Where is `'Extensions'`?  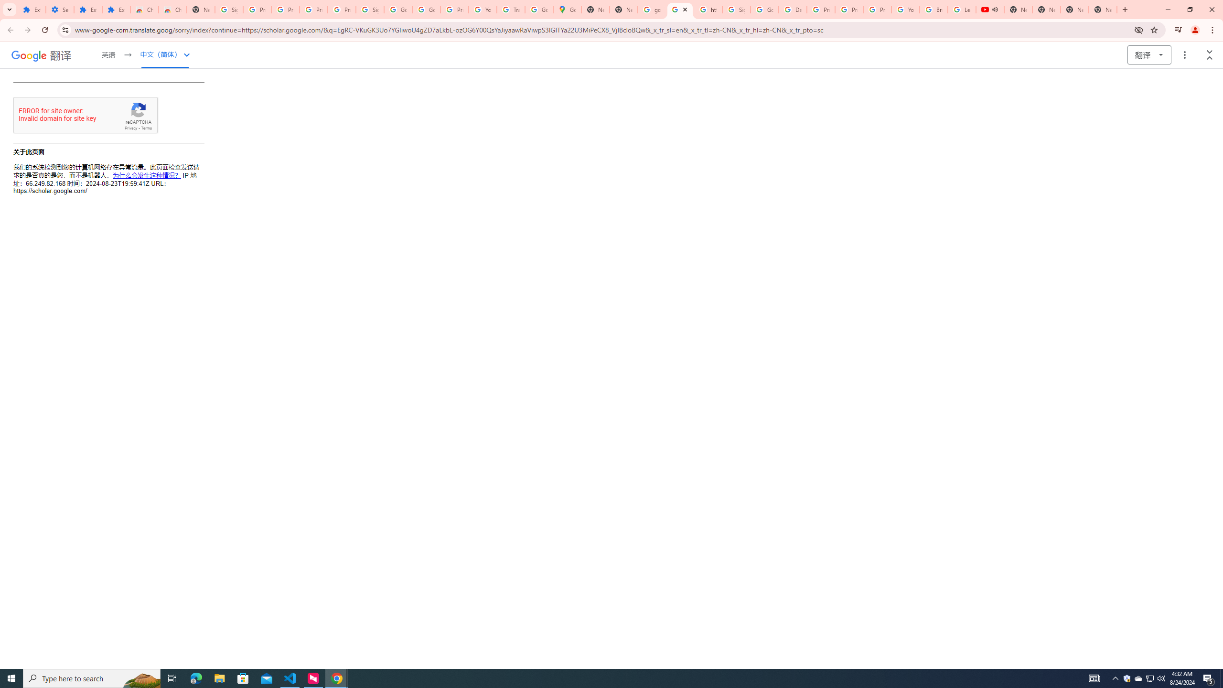 'Extensions' is located at coordinates (87, 9).